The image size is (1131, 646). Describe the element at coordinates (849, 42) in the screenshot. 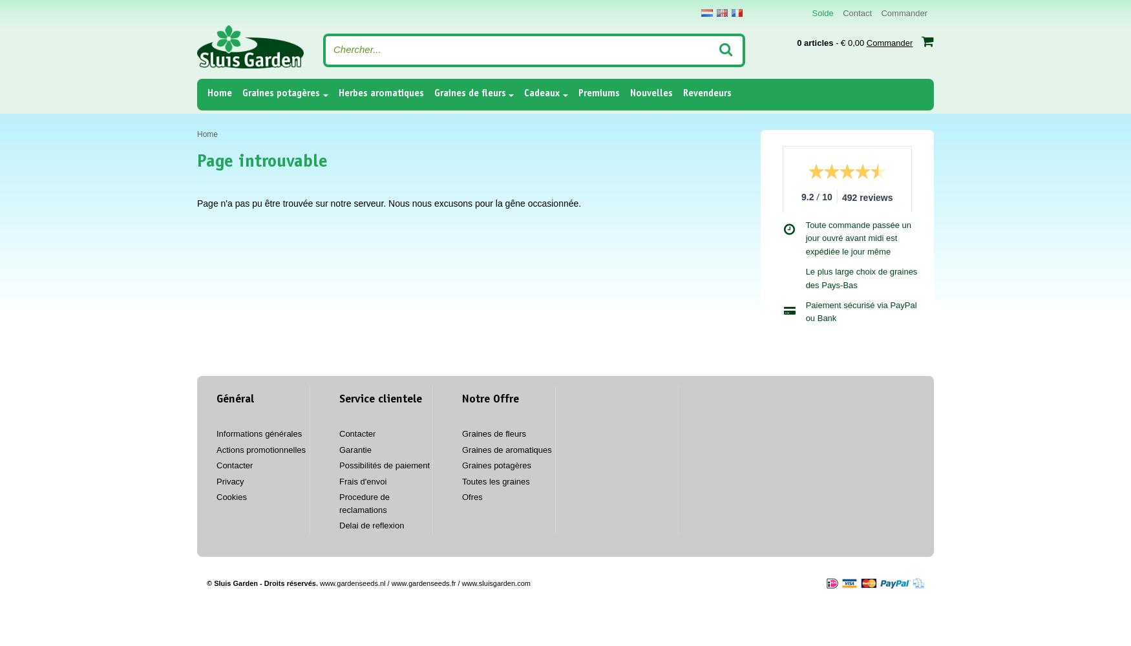

I see `'- € 0,00'` at that location.